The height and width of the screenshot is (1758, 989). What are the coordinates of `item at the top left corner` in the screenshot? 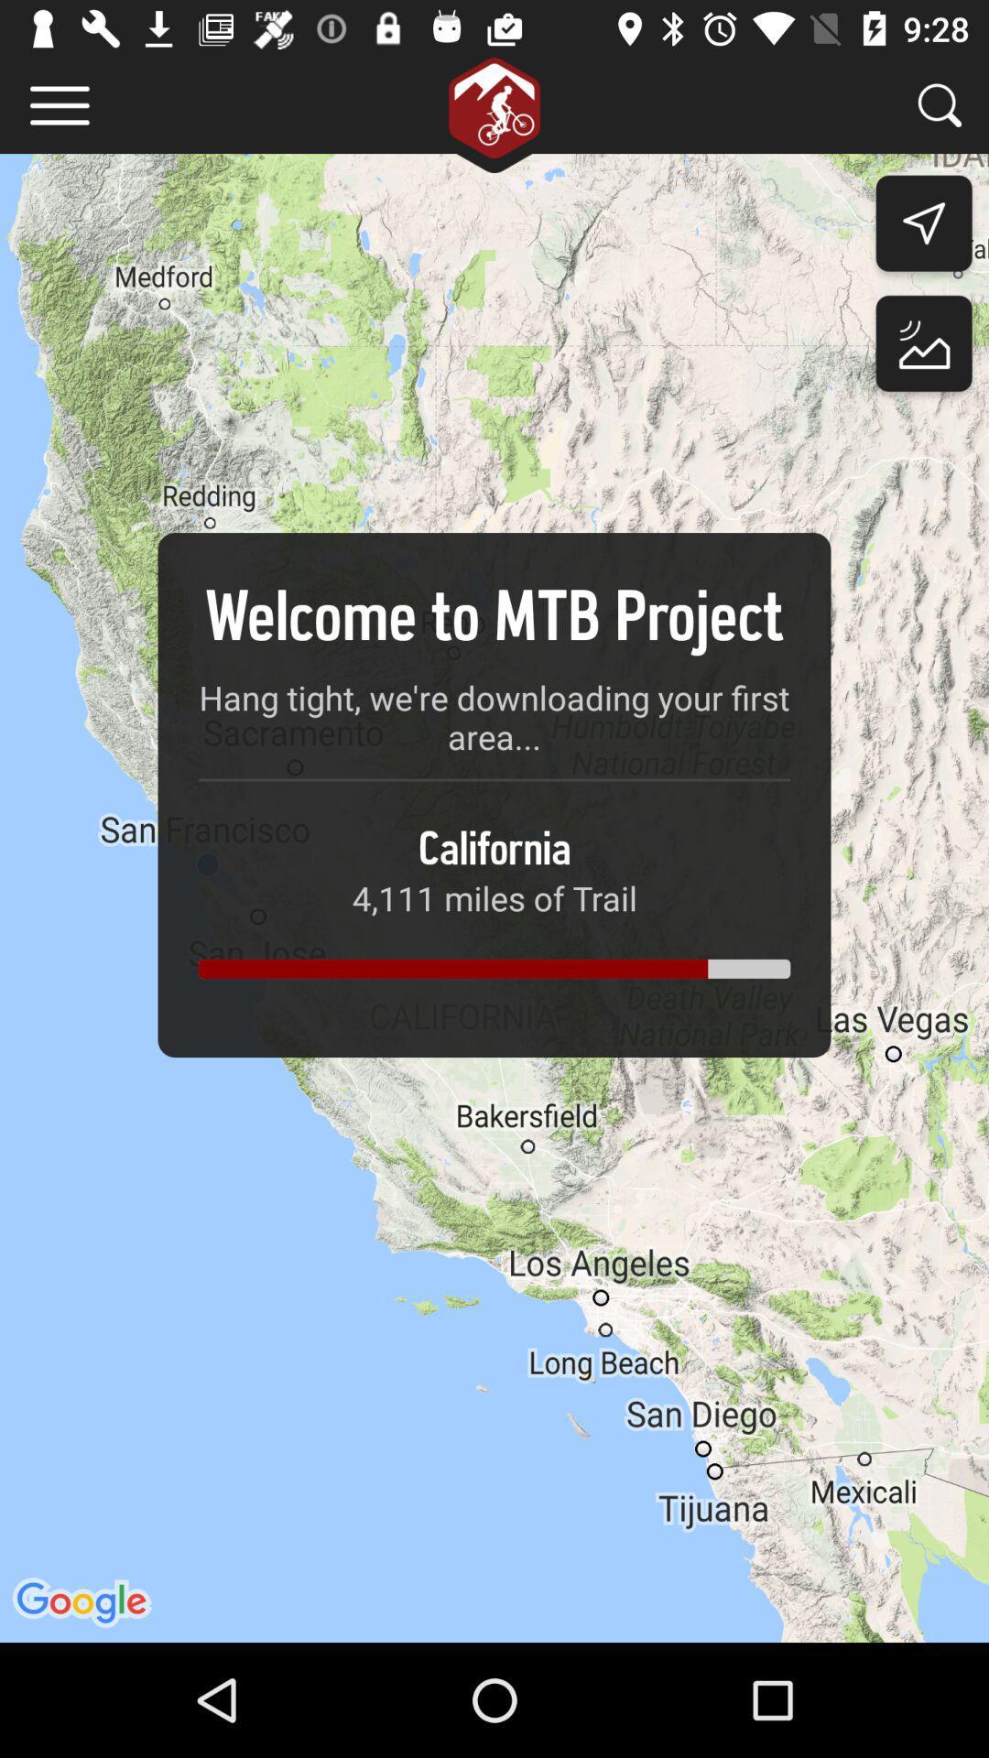 It's located at (59, 104).